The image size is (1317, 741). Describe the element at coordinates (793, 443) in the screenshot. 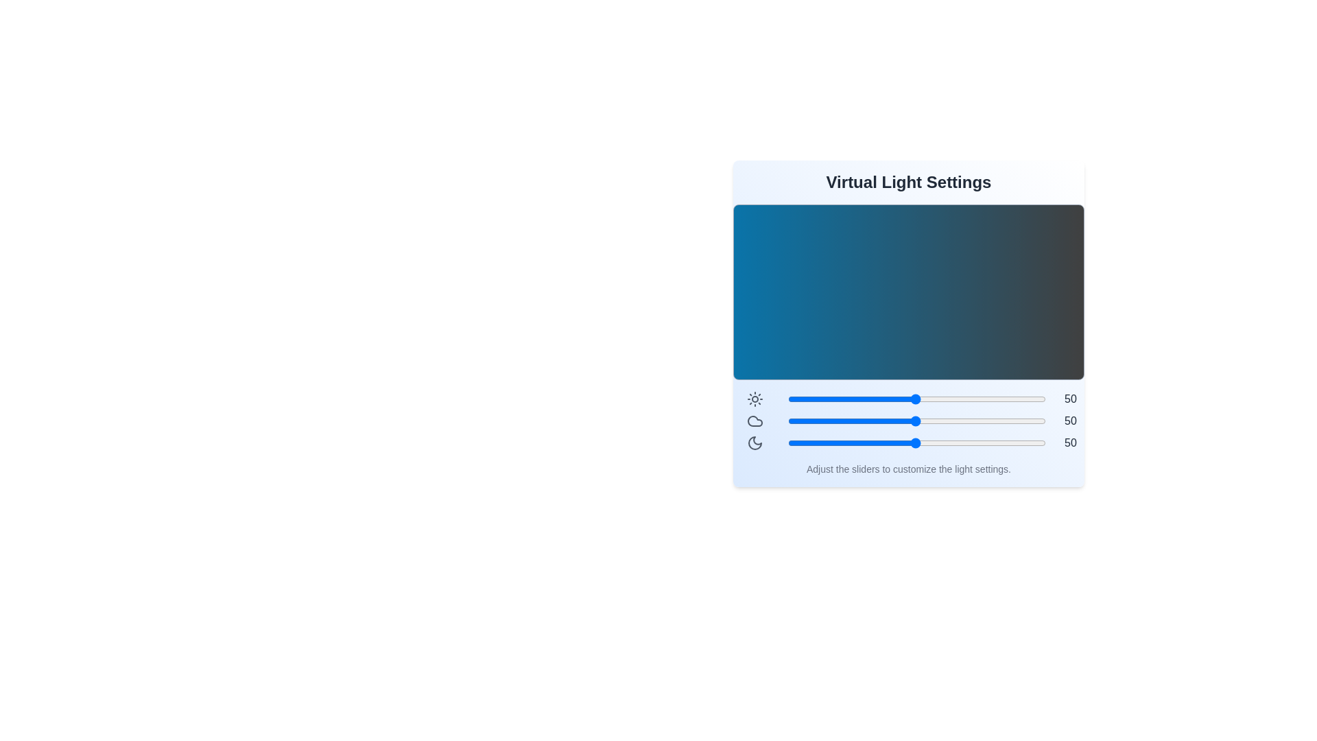

I see `the saturation slider to 3` at that location.